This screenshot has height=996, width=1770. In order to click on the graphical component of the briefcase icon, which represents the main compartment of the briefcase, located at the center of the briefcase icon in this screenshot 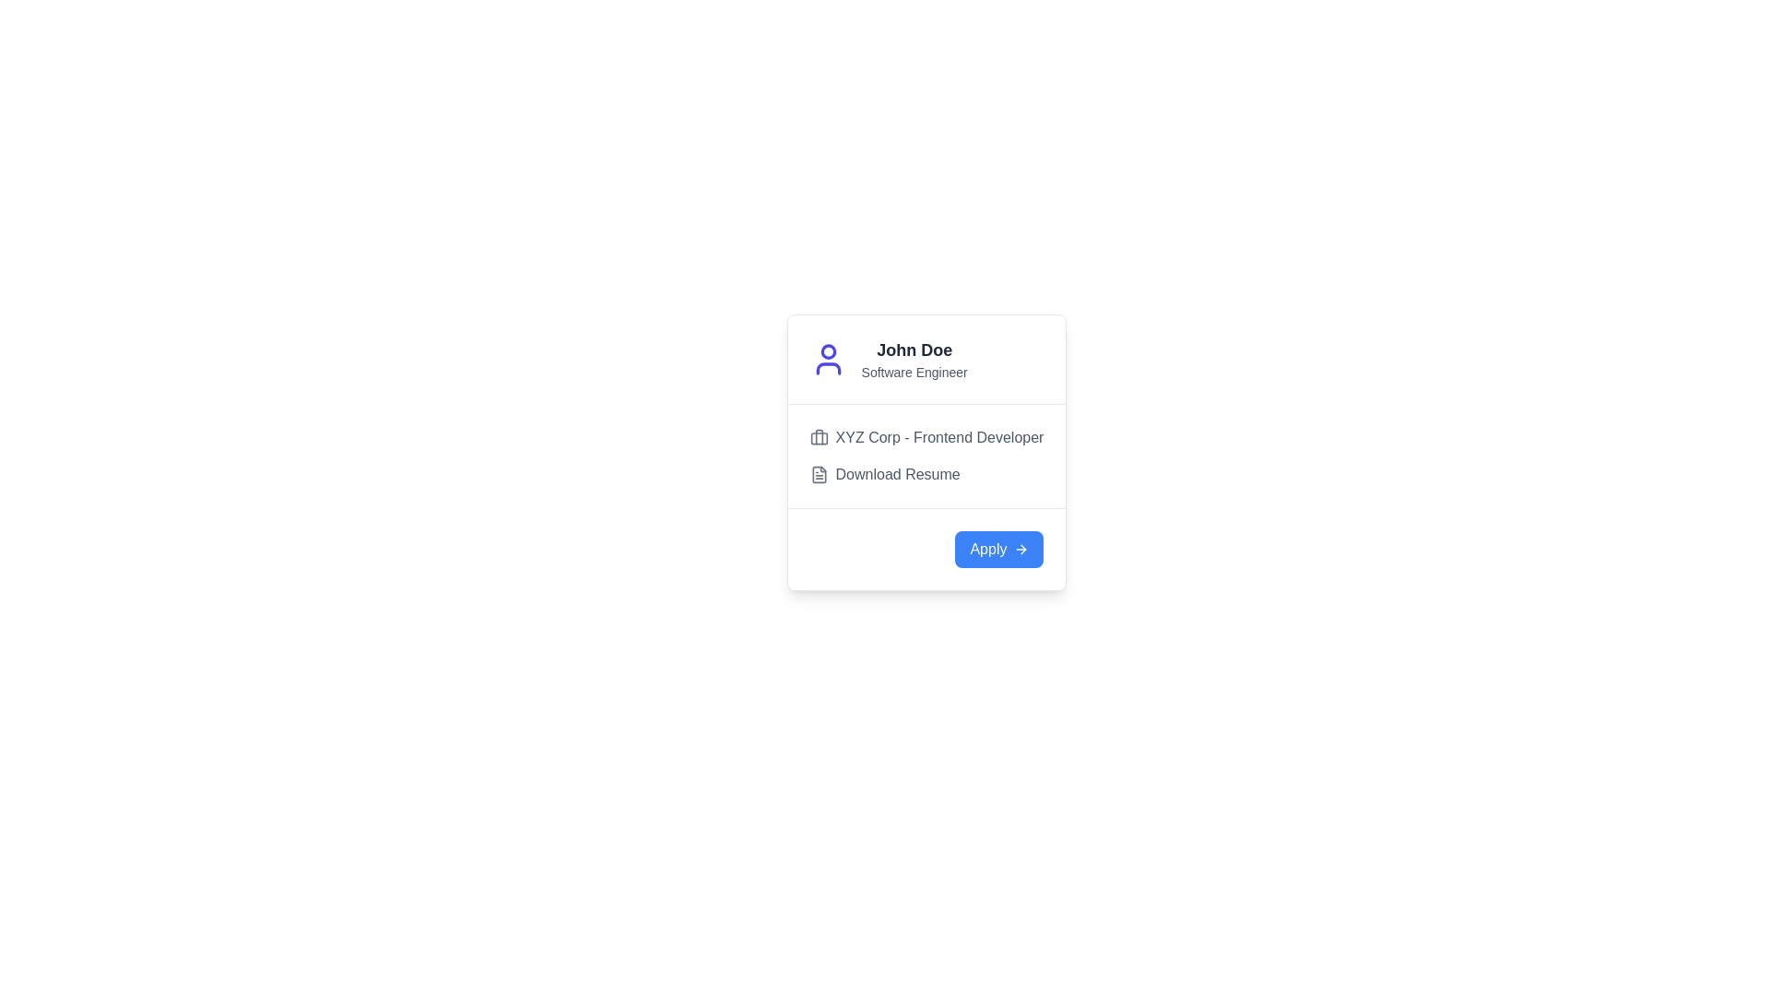, I will do `click(818, 438)`.